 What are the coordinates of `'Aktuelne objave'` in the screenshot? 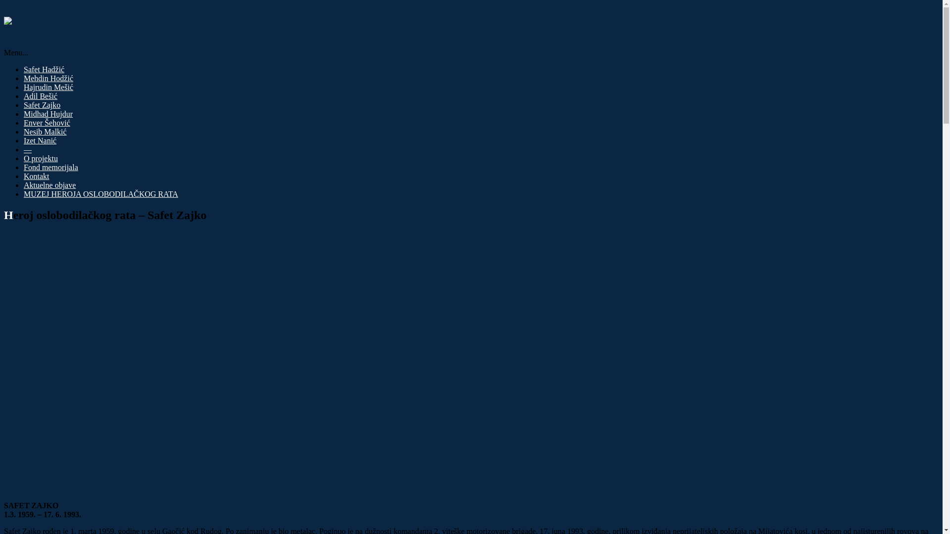 It's located at (24, 185).